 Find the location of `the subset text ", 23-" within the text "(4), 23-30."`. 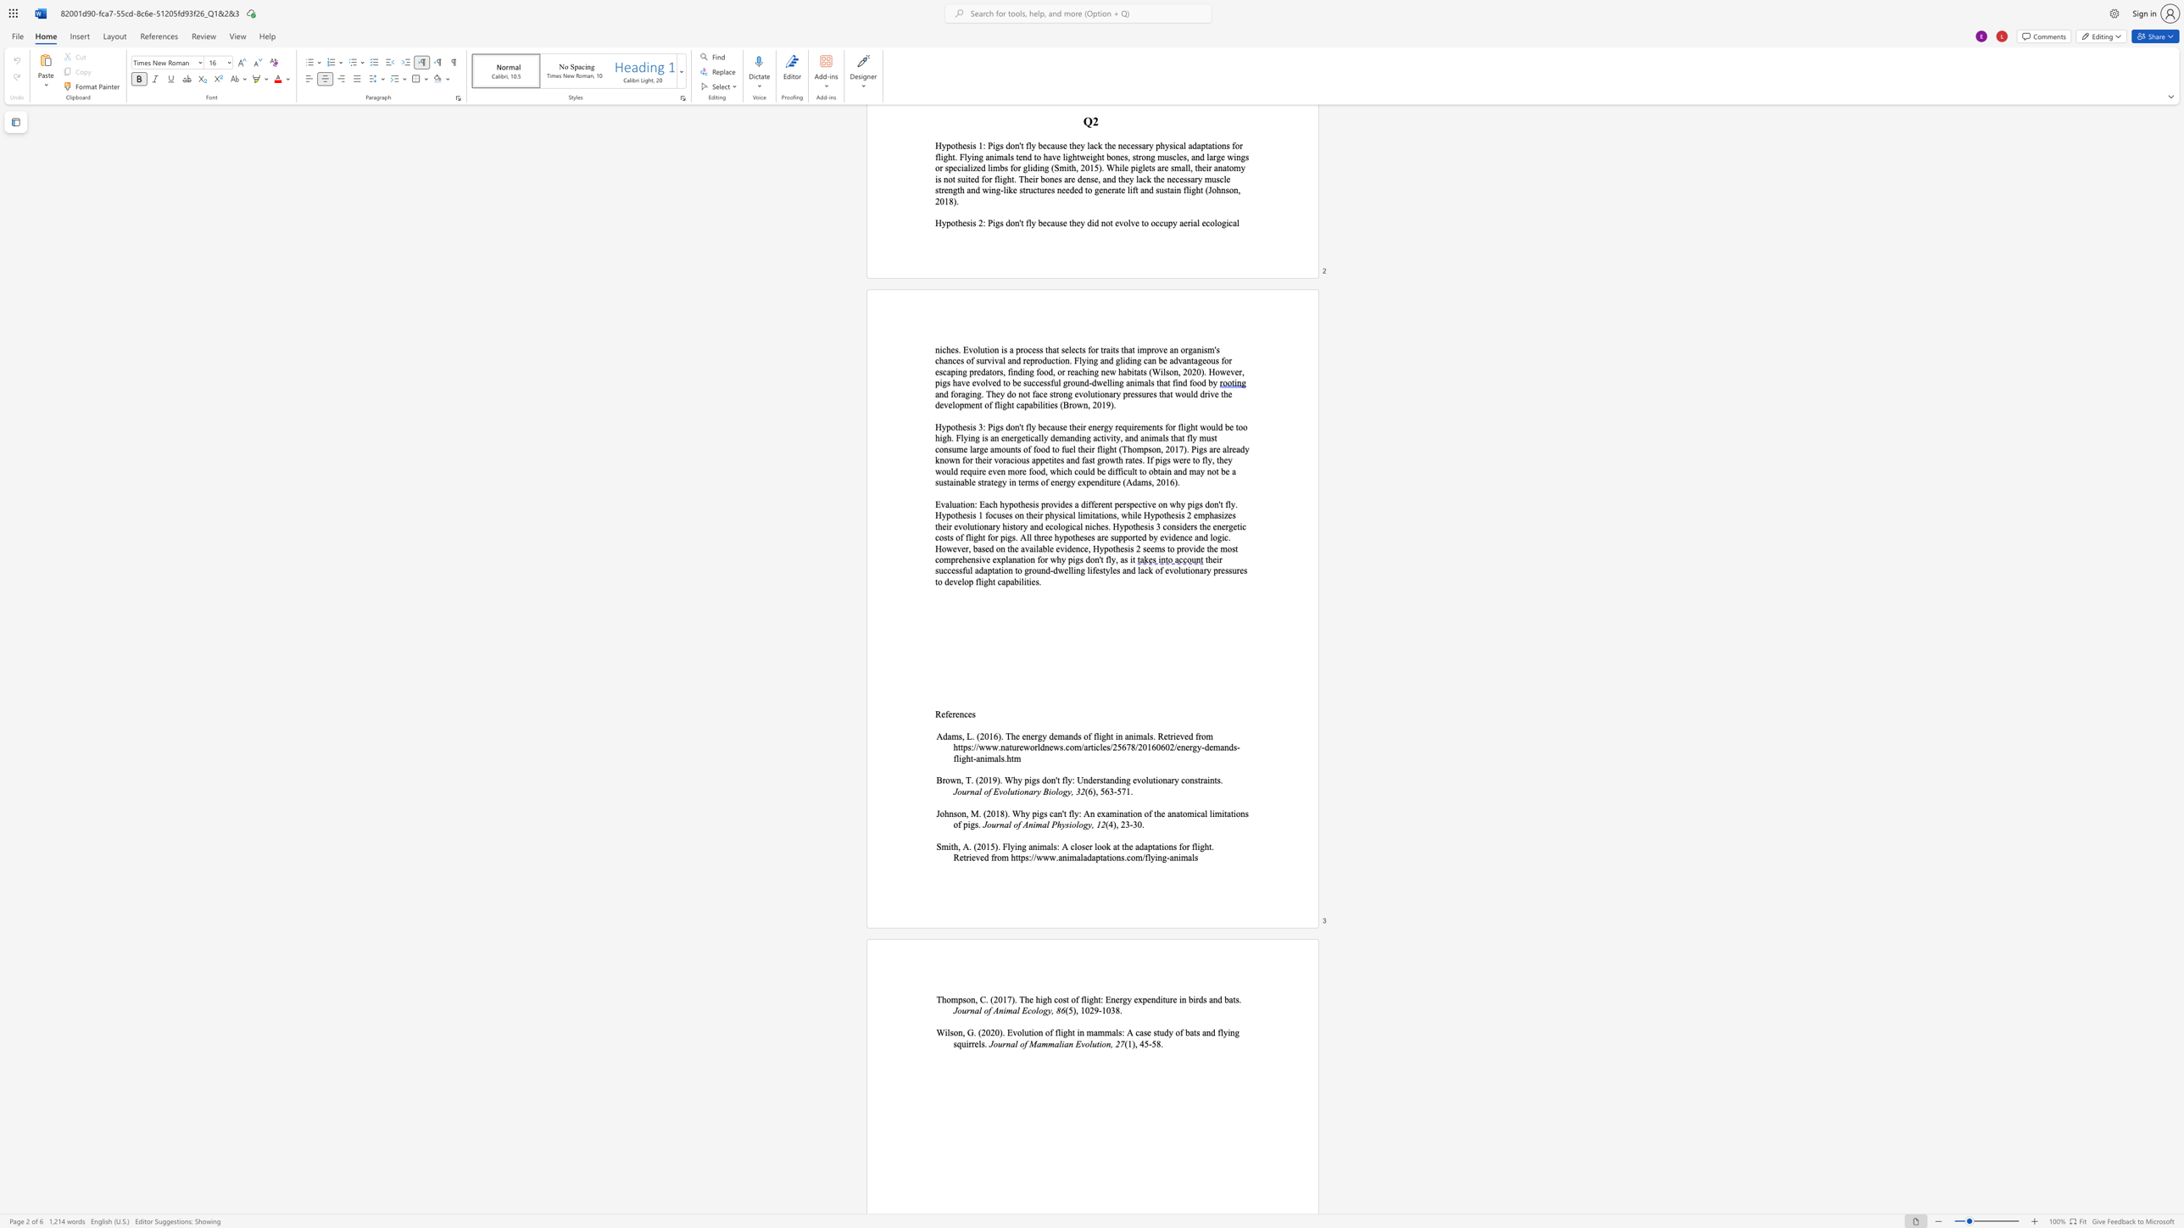

the subset text ", 23-" within the text "(4), 23-30." is located at coordinates (1116, 824).